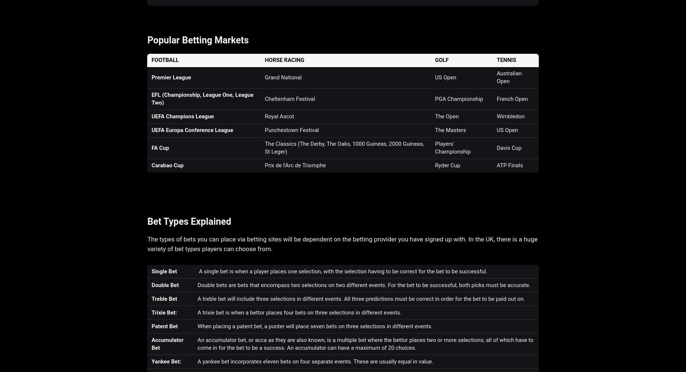 This screenshot has width=686, height=372. What do you see at coordinates (151, 312) in the screenshot?
I see `'Trixie Bet:'` at bounding box center [151, 312].